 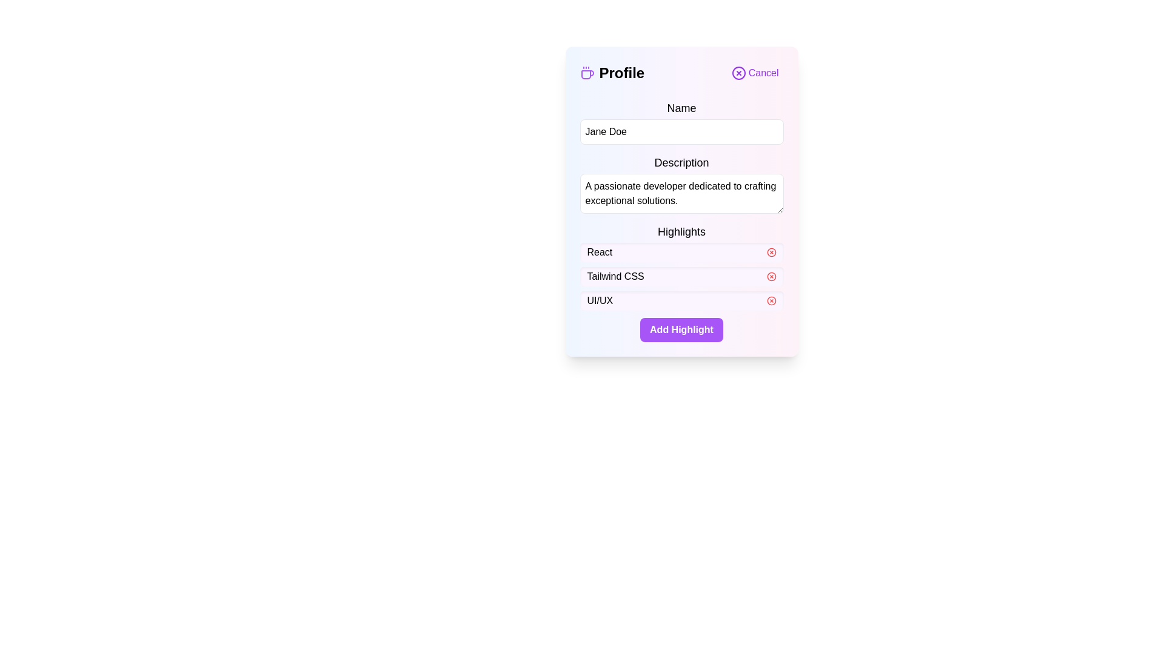 What do you see at coordinates (681, 231) in the screenshot?
I see `text from the Text Label located above the list of tags such as 'React', 'Tailwind CSS', and 'UI/UX', and below the 'Description' text area field` at bounding box center [681, 231].